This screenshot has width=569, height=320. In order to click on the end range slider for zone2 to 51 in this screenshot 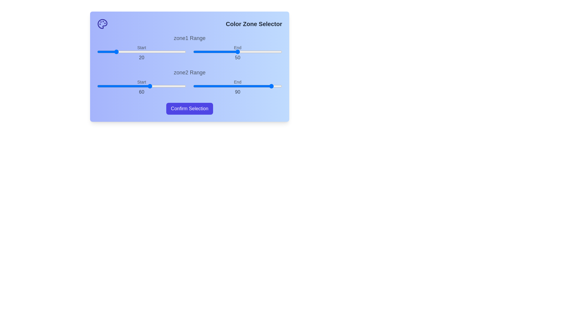, I will do `click(239, 86)`.